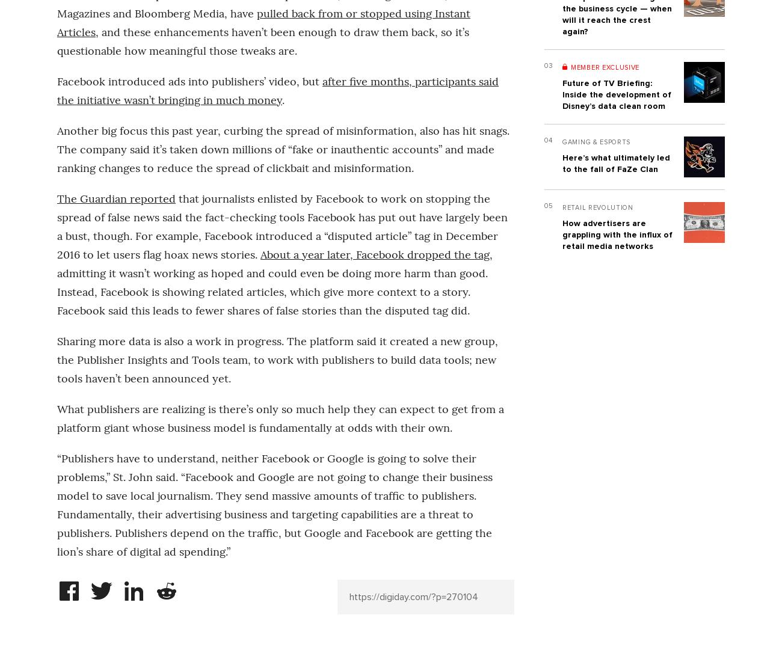  I want to click on 'Another big focus this past year, curbing the spread of misinformation, also has hit snags. The company said it’s taken down millions of “fake or inauthentic accounts” and made ranking changes to reduce the spread of clickbait and misinformation.', so click(282, 149).